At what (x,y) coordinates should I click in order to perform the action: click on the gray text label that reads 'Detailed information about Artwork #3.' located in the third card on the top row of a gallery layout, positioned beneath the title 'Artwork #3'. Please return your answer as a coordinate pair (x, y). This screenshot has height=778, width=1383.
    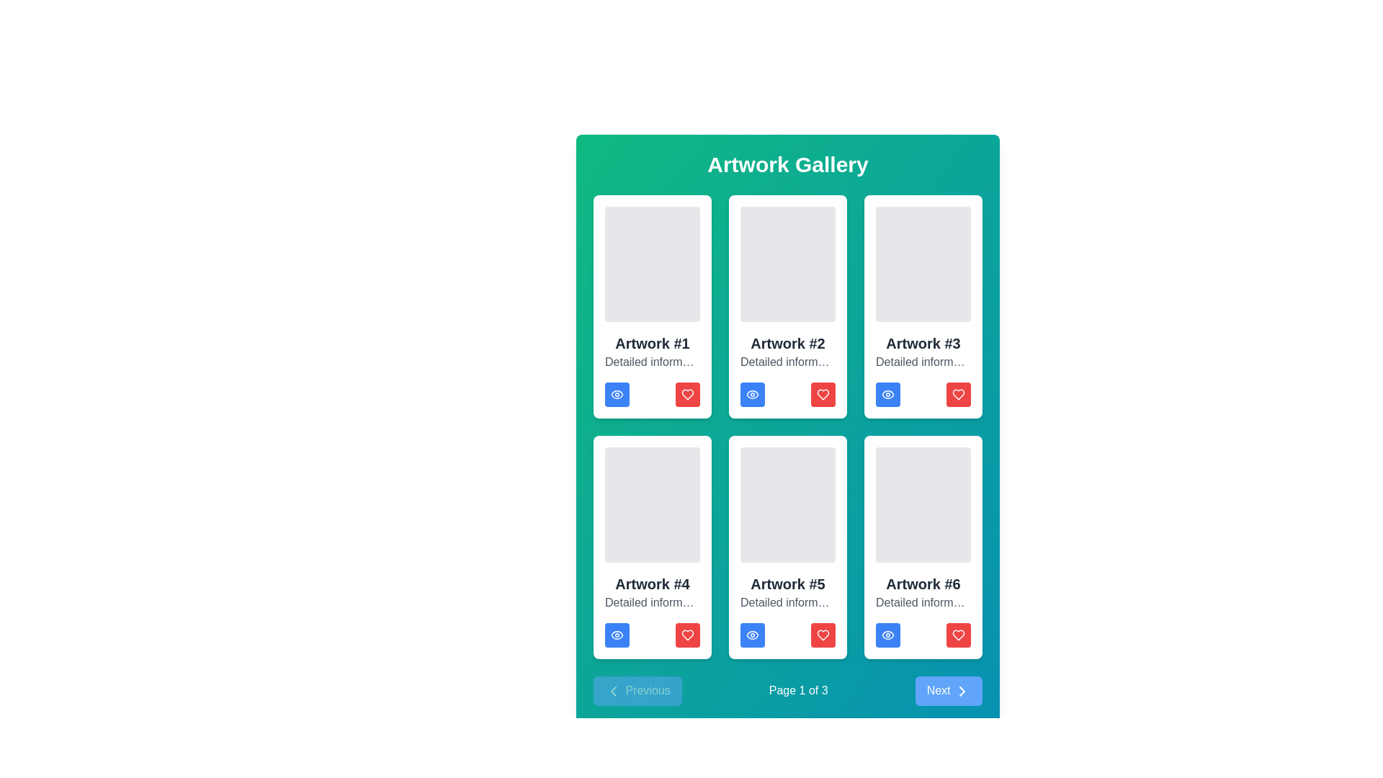
    Looking at the image, I should click on (923, 361).